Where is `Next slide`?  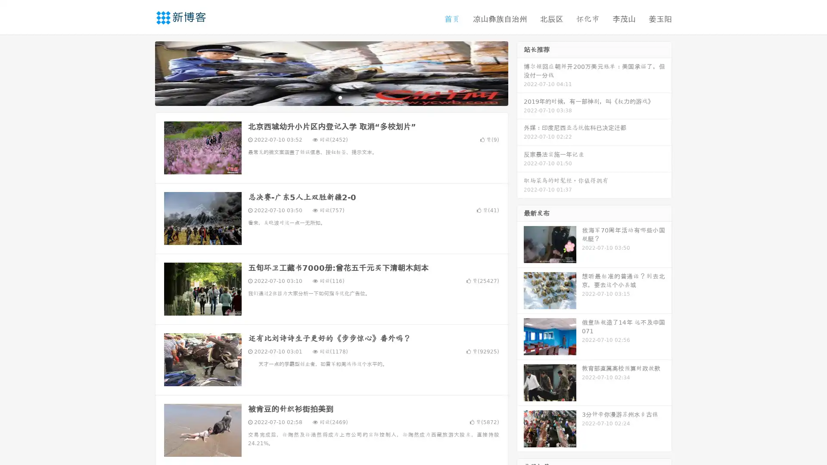
Next slide is located at coordinates (520, 72).